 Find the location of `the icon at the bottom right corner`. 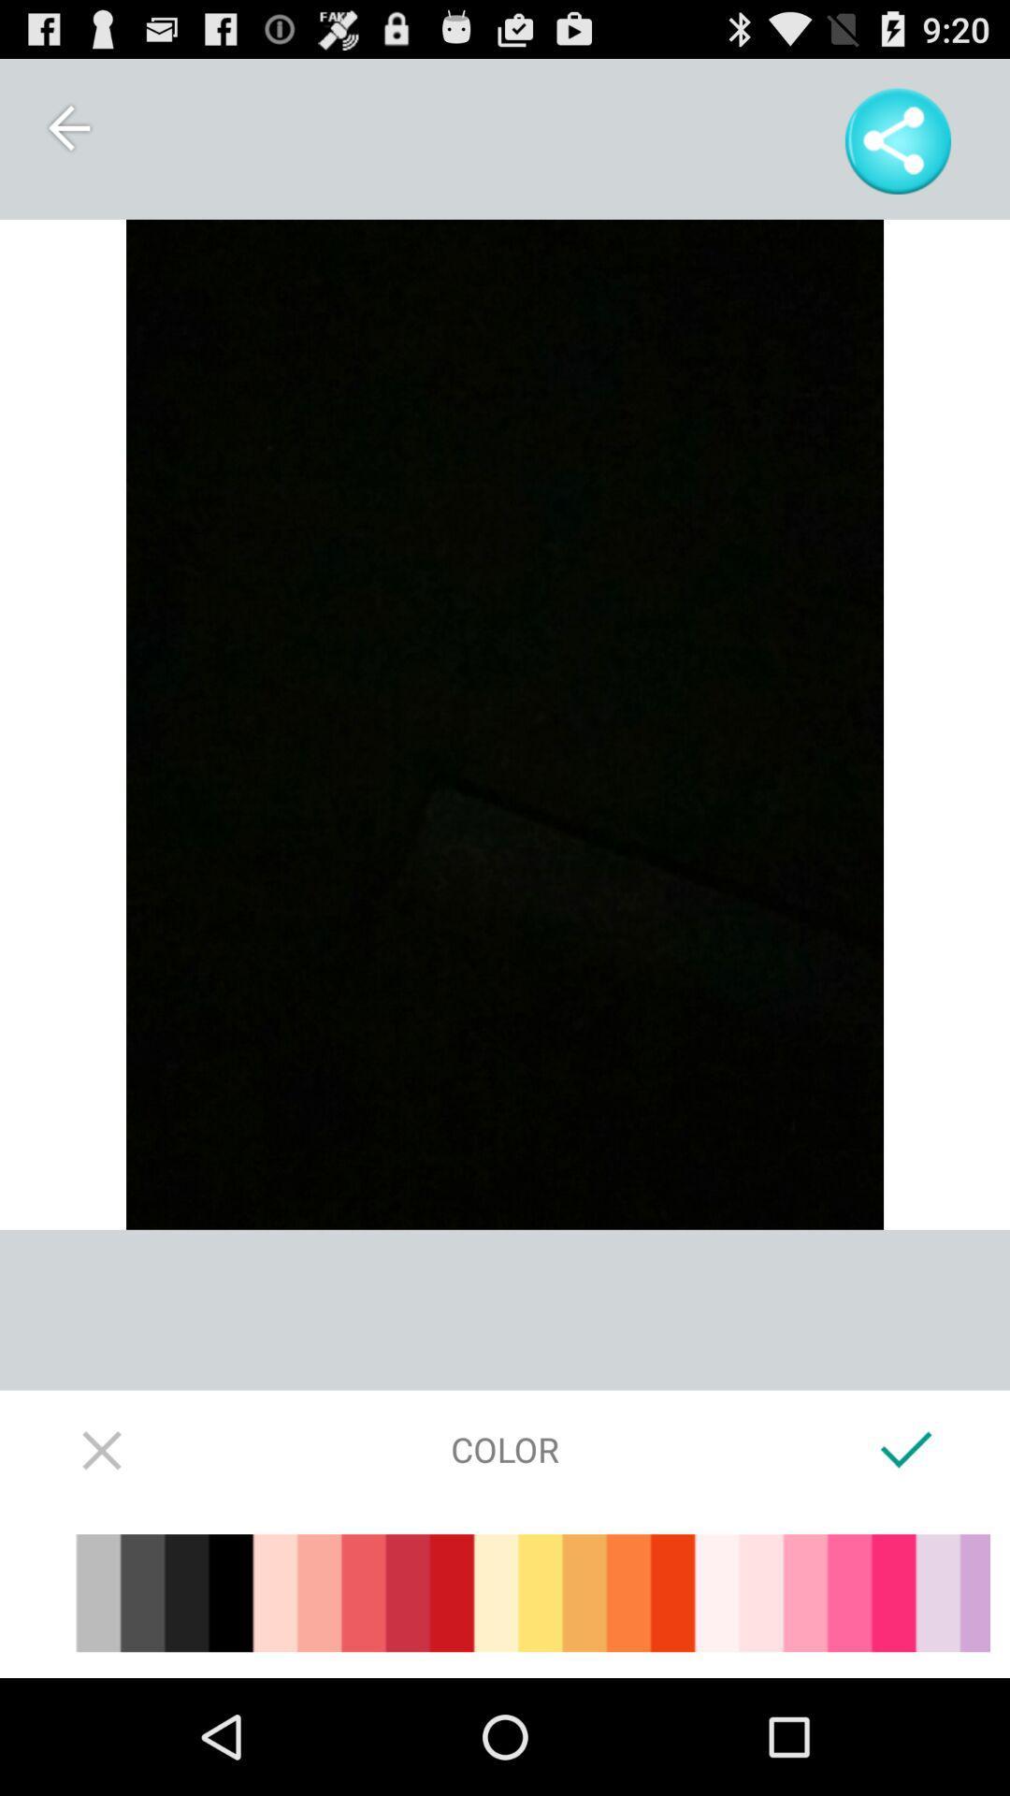

the icon at the bottom right corner is located at coordinates (905, 1448).